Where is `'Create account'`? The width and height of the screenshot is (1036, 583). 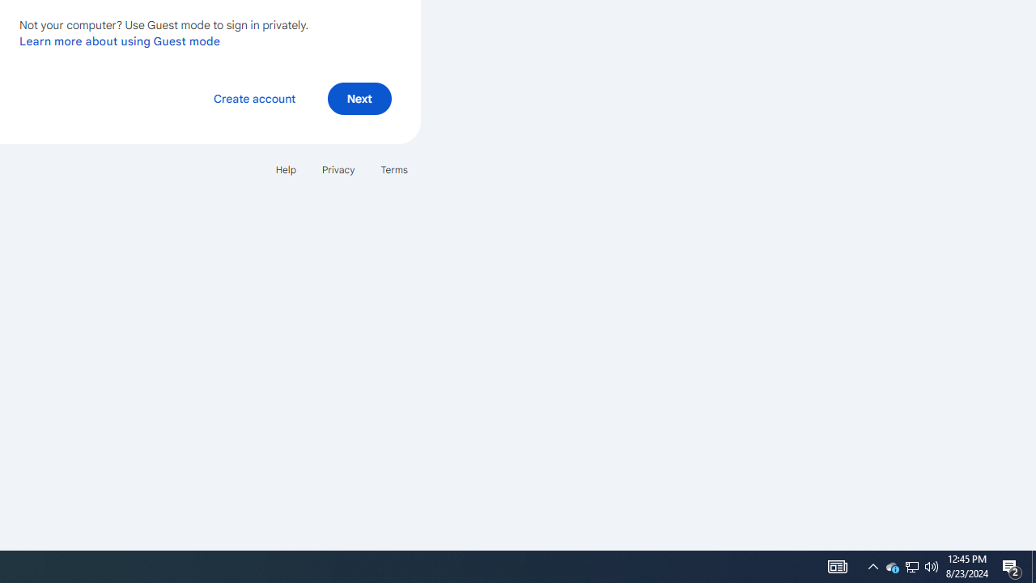 'Create account' is located at coordinates (253, 99).